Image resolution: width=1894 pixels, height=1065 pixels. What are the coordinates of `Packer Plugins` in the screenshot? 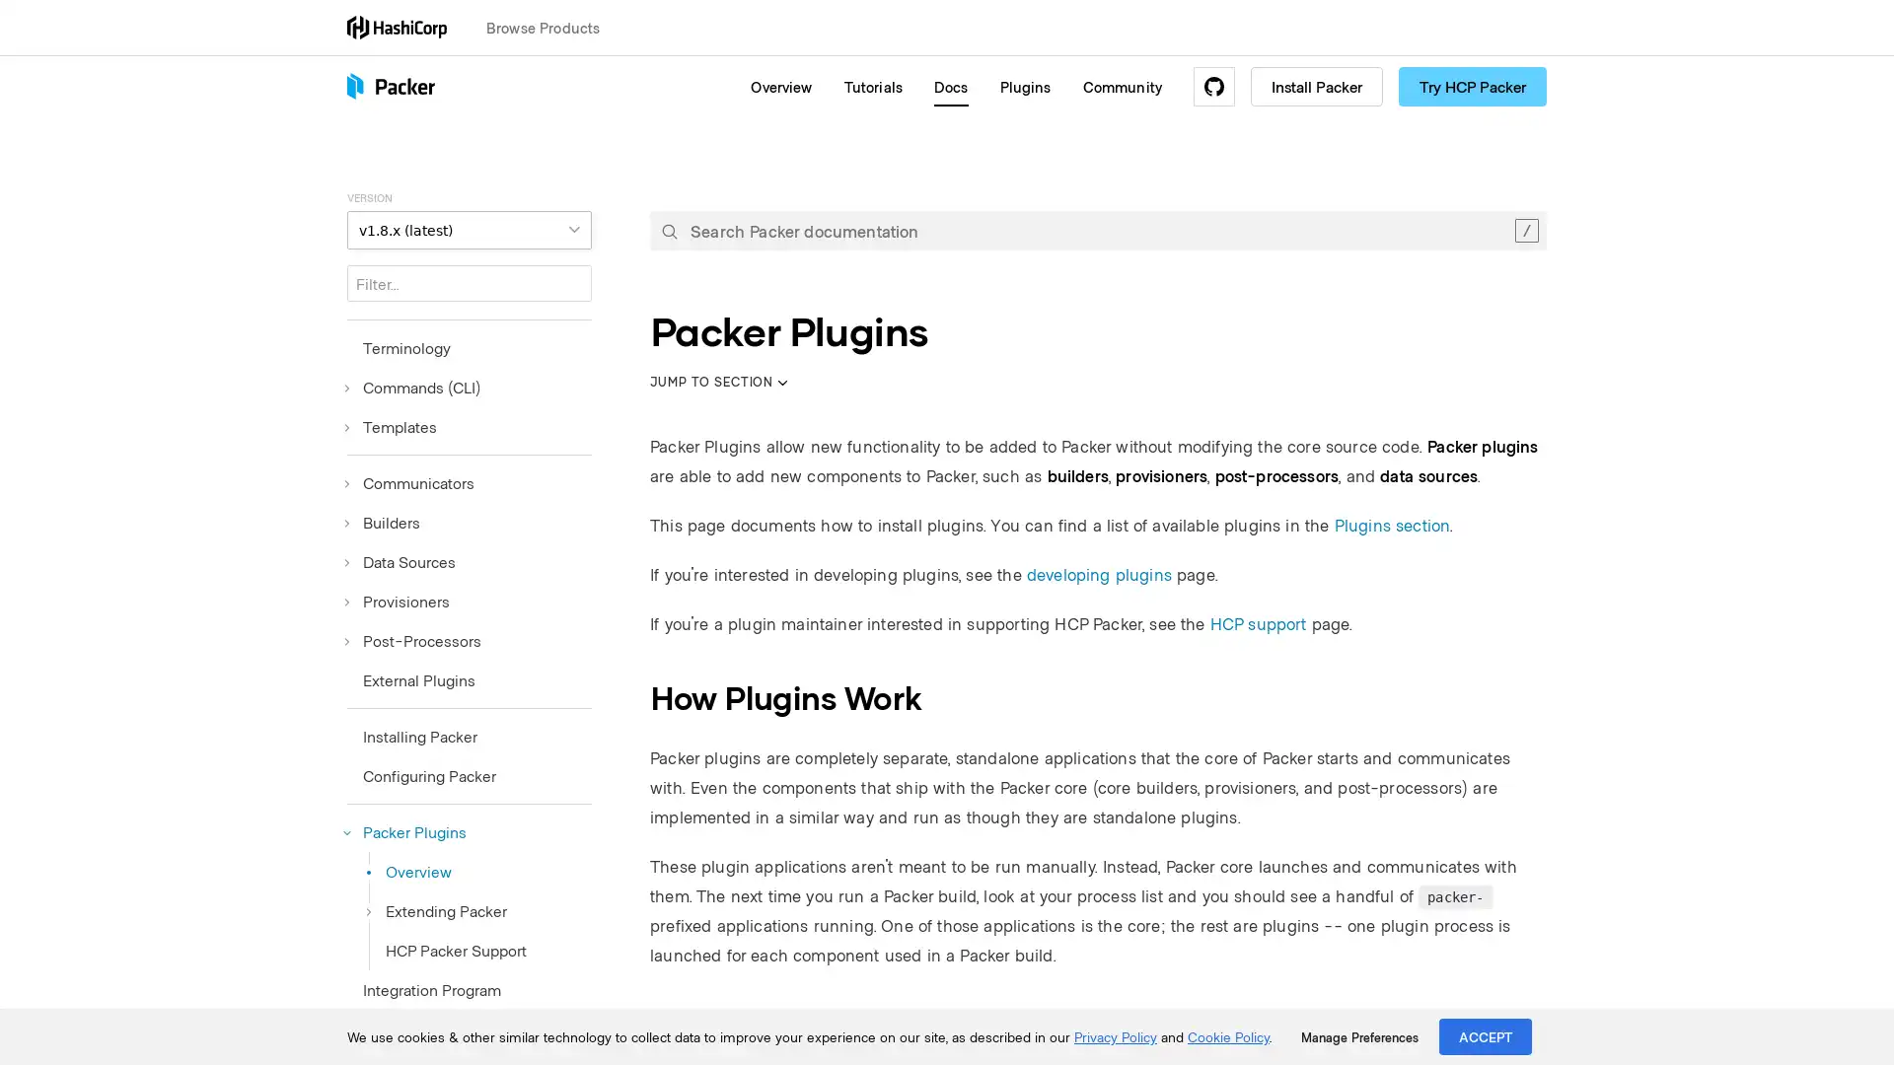 It's located at (405, 832).